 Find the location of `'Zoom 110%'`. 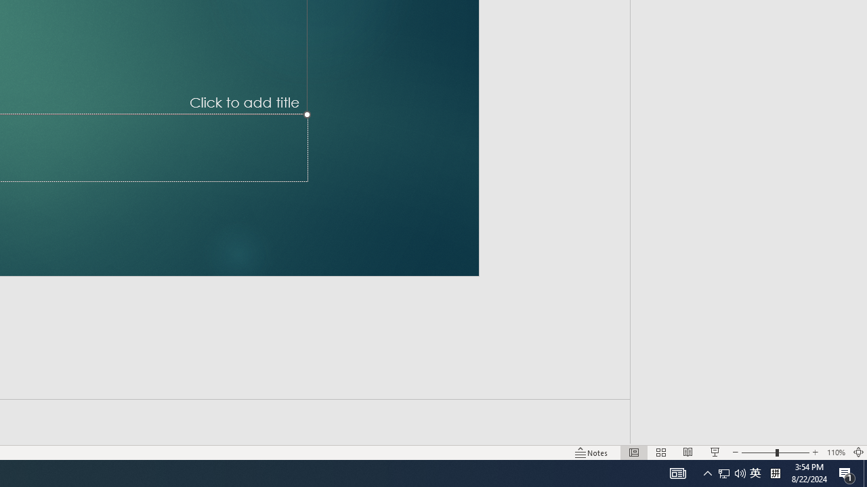

'Zoom 110%' is located at coordinates (835, 453).